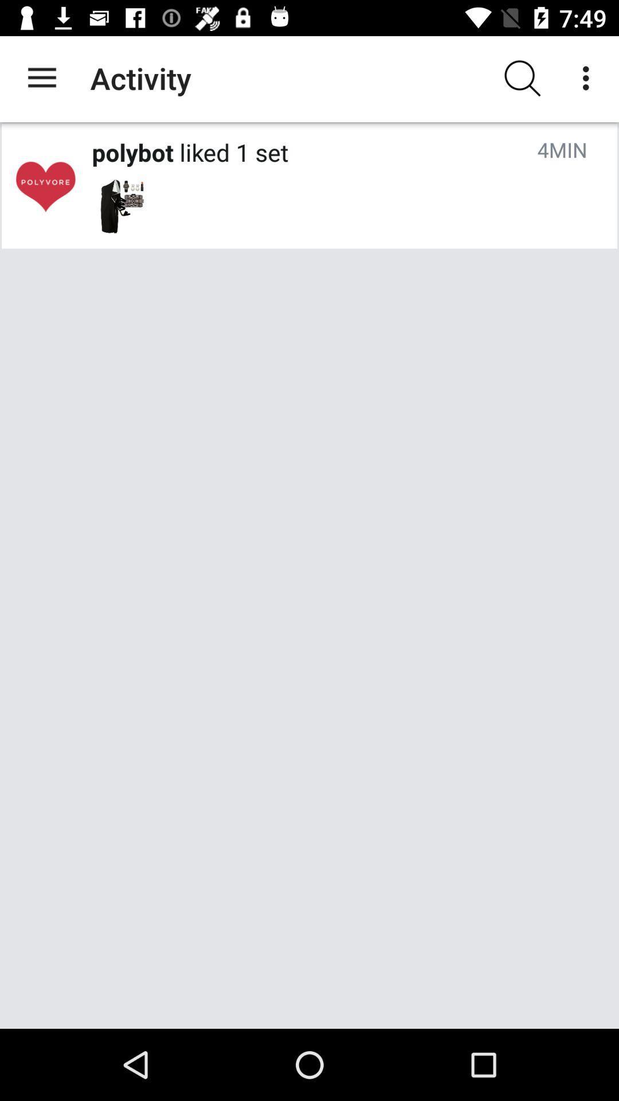 The height and width of the screenshot is (1101, 619). What do you see at coordinates (45, 186) in the screenshot?
I see `open polybot profile` at bounding box center [45, 186].